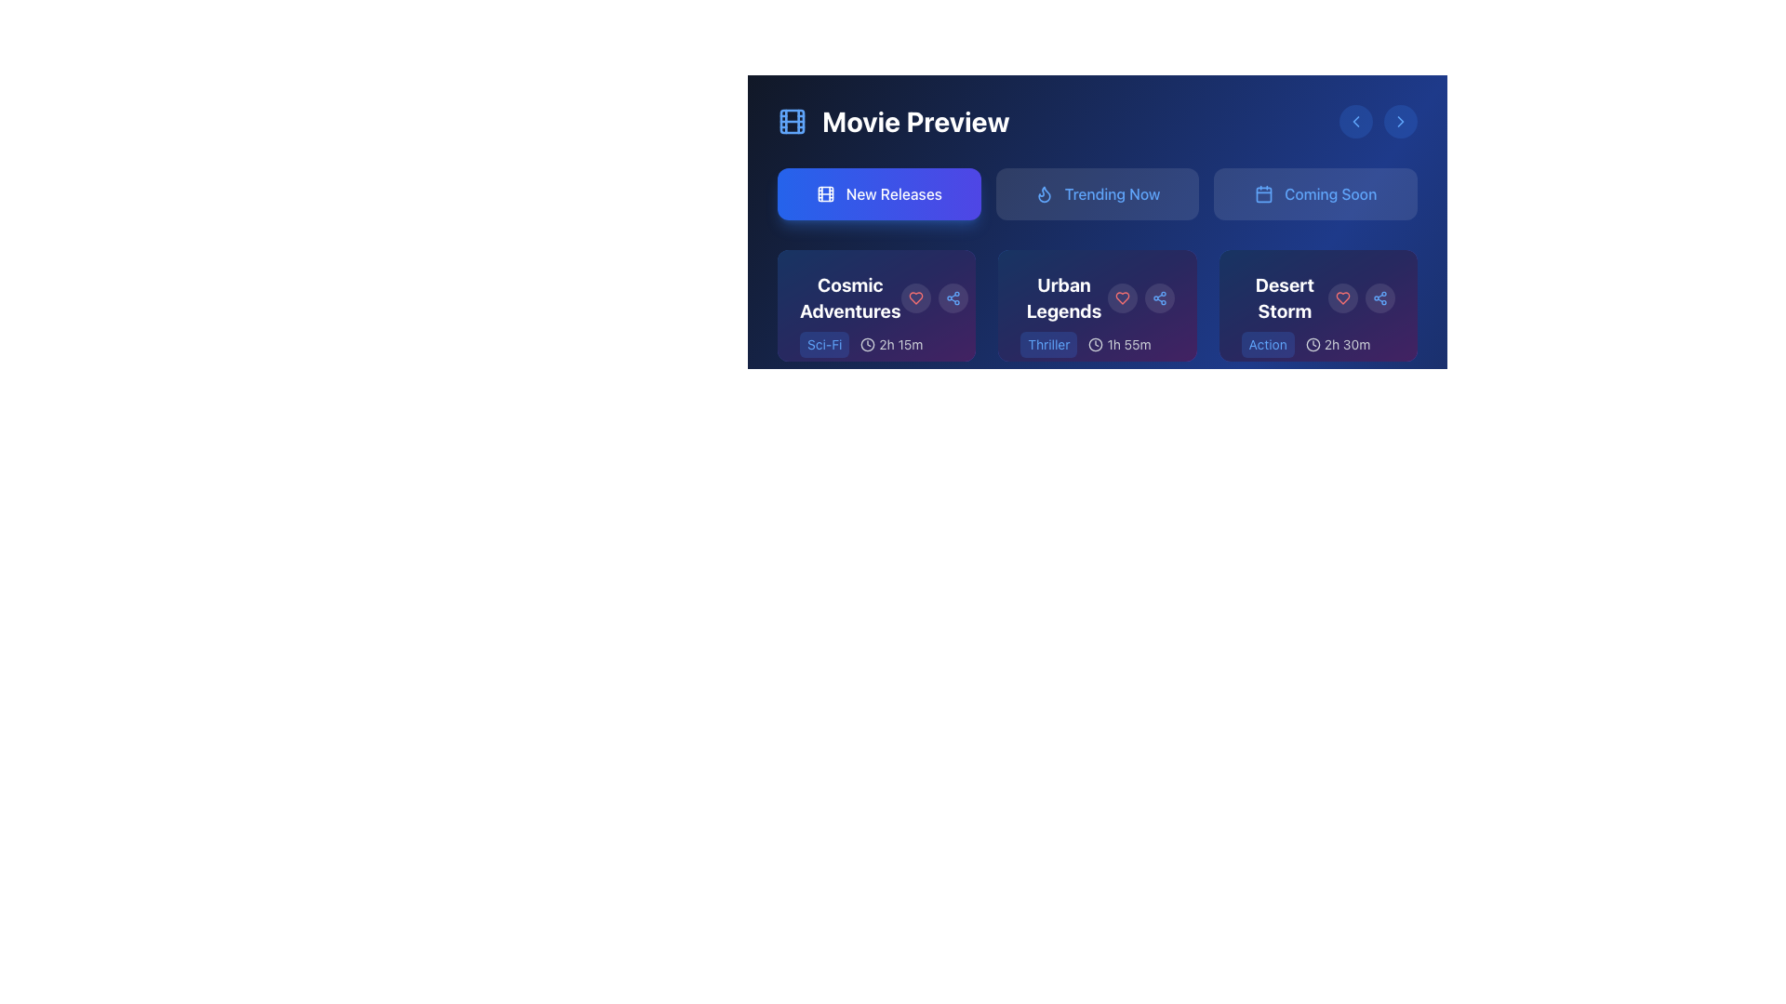 This screenshot has height=1004, width=1786. Describe the element at coordinates (1329, 193) in the screenshot. I see `the 'Coming Soon' text label within the button located at the top-right area of the interface` at that location.